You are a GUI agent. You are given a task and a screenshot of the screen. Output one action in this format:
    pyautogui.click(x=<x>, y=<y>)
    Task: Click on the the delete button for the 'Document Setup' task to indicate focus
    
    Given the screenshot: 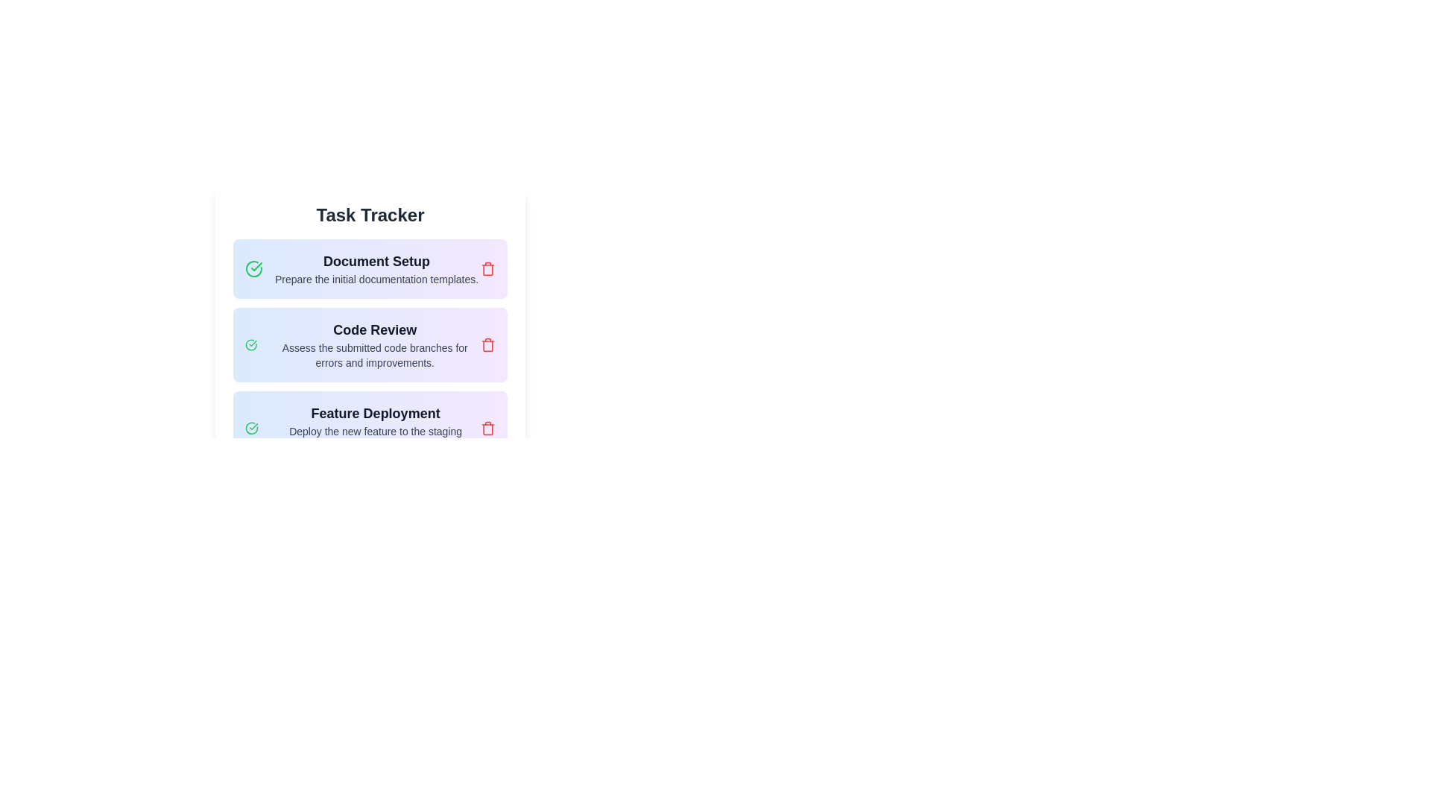 What is the action you would take?
    pyautogui.click(x=487, y=269)
    